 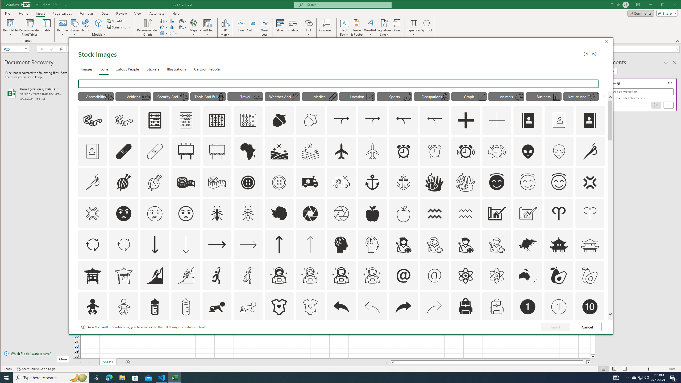 I want to click on '"Vehicles" Icons.', so click(x=133, y=96).